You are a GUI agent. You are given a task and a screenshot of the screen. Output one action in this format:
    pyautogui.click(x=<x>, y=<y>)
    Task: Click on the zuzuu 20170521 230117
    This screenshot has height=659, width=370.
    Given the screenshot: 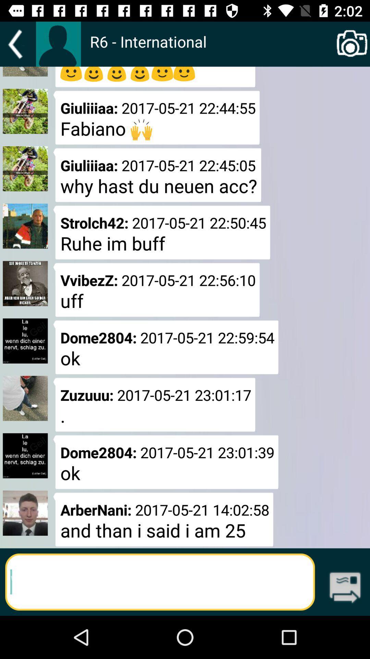 What is the action you would take?
    pyautogui.click(x=155, y=405)
    